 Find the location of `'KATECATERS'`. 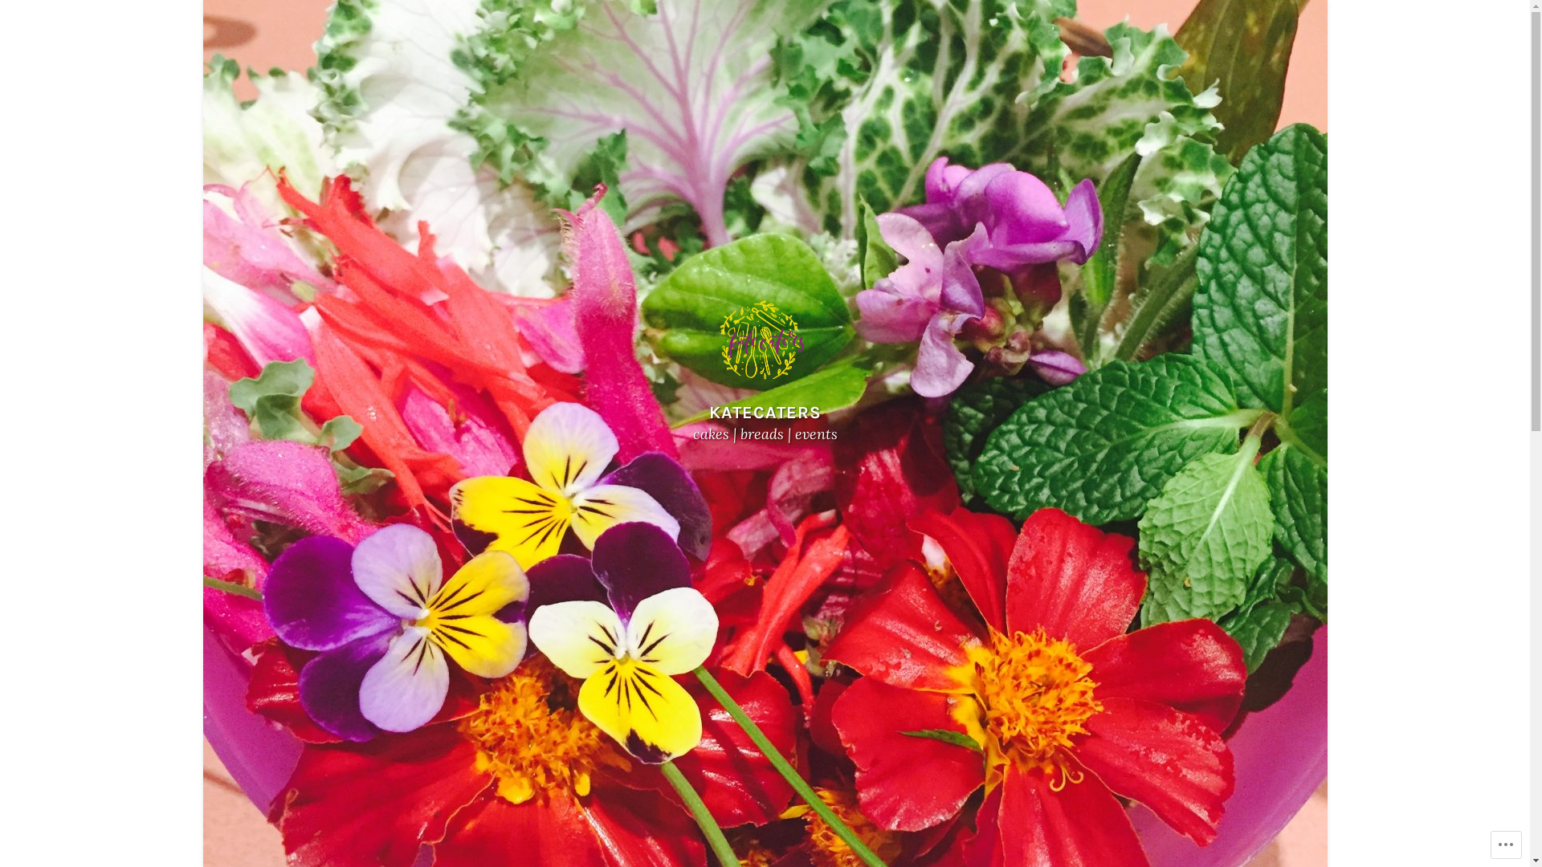

'KATECATERS' is located at coordinates (763, 411).